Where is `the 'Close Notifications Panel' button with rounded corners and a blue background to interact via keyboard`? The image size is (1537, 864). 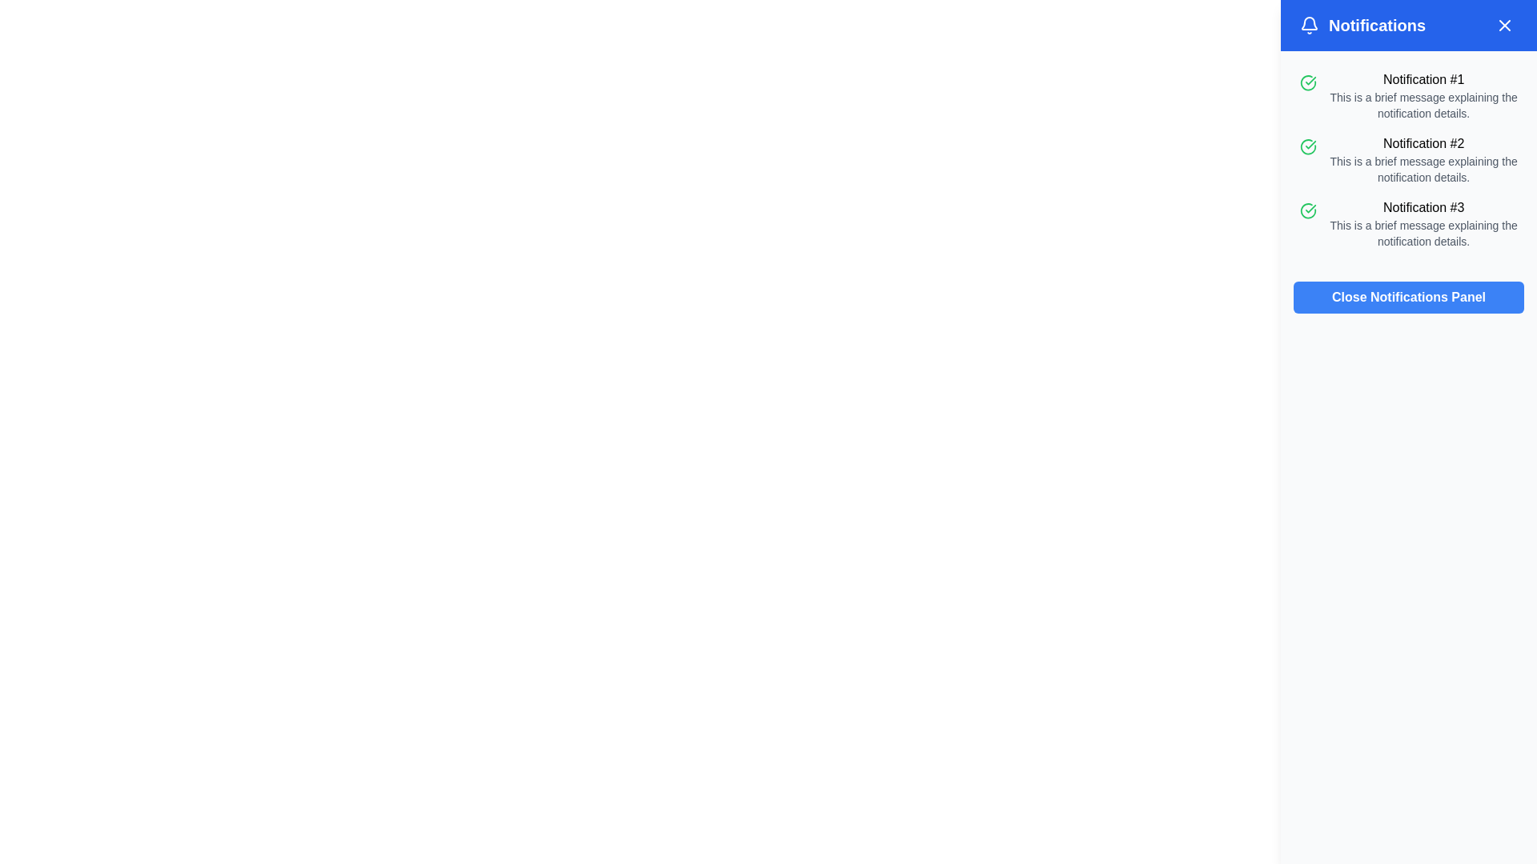 the 'Close Notifications Panel' button with rounded corners and a blue background to interact via keyboard is located at coordinates (1409, 297).